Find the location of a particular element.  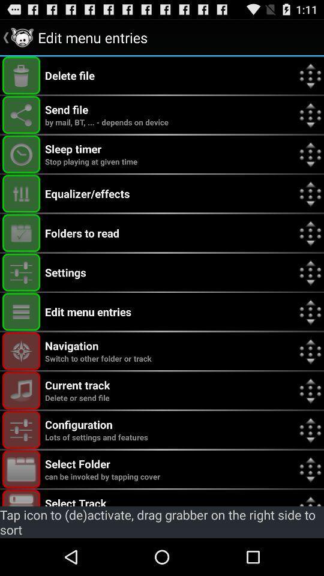

share options is located at coordinates (21, 115).